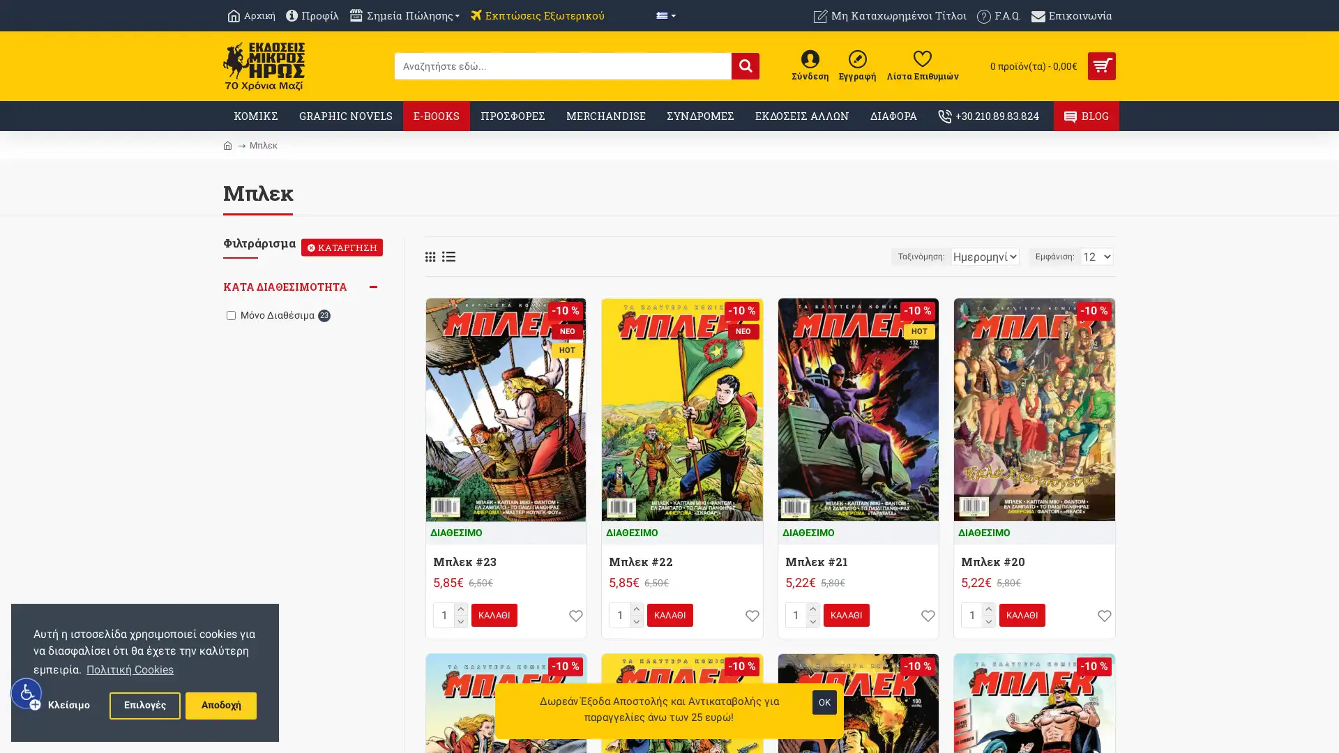 The width and height of the screenshot is (1339, 753). Describe the element at coordinates (220, 705) in the screenshot. I see `allow cookies` at that location.